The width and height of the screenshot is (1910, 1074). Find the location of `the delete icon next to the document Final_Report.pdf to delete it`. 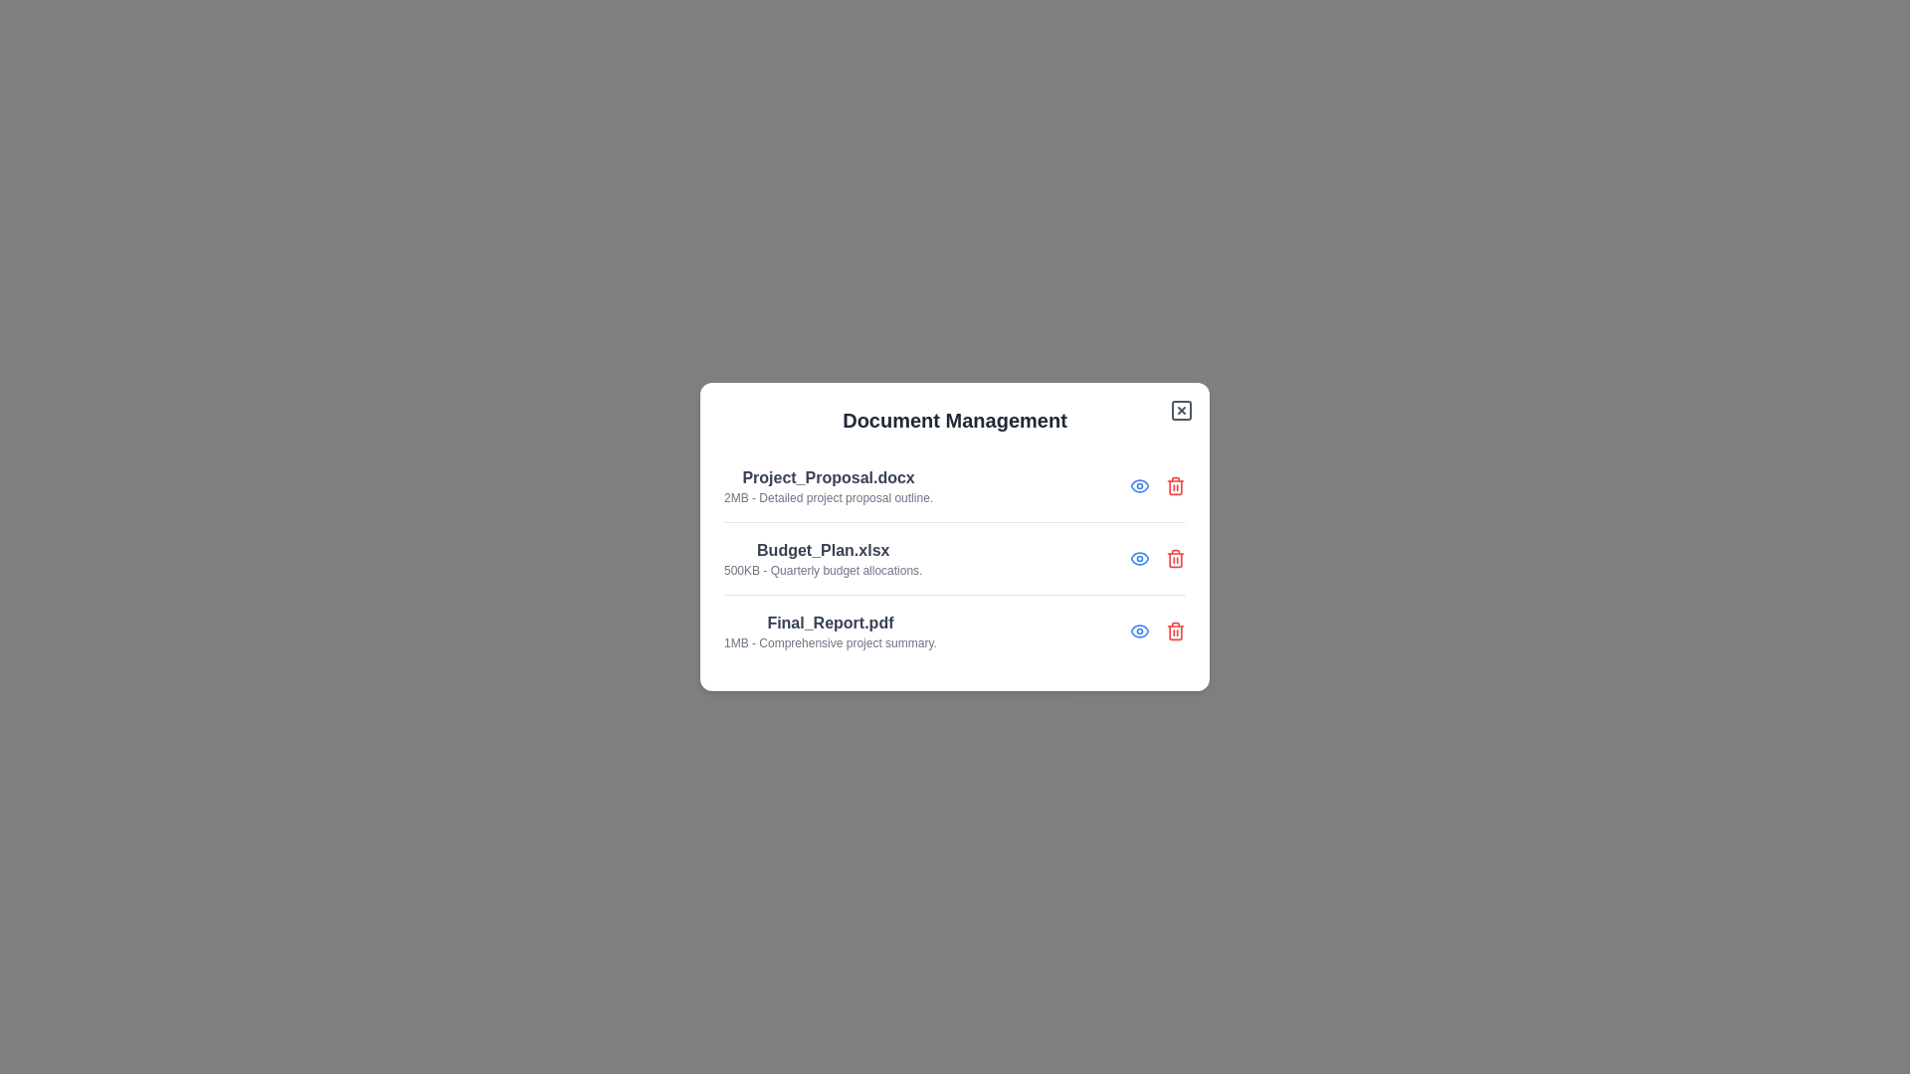

the delete icon next to the document Final_Report.pdf to delete it is located at coordinates (1175, 631).